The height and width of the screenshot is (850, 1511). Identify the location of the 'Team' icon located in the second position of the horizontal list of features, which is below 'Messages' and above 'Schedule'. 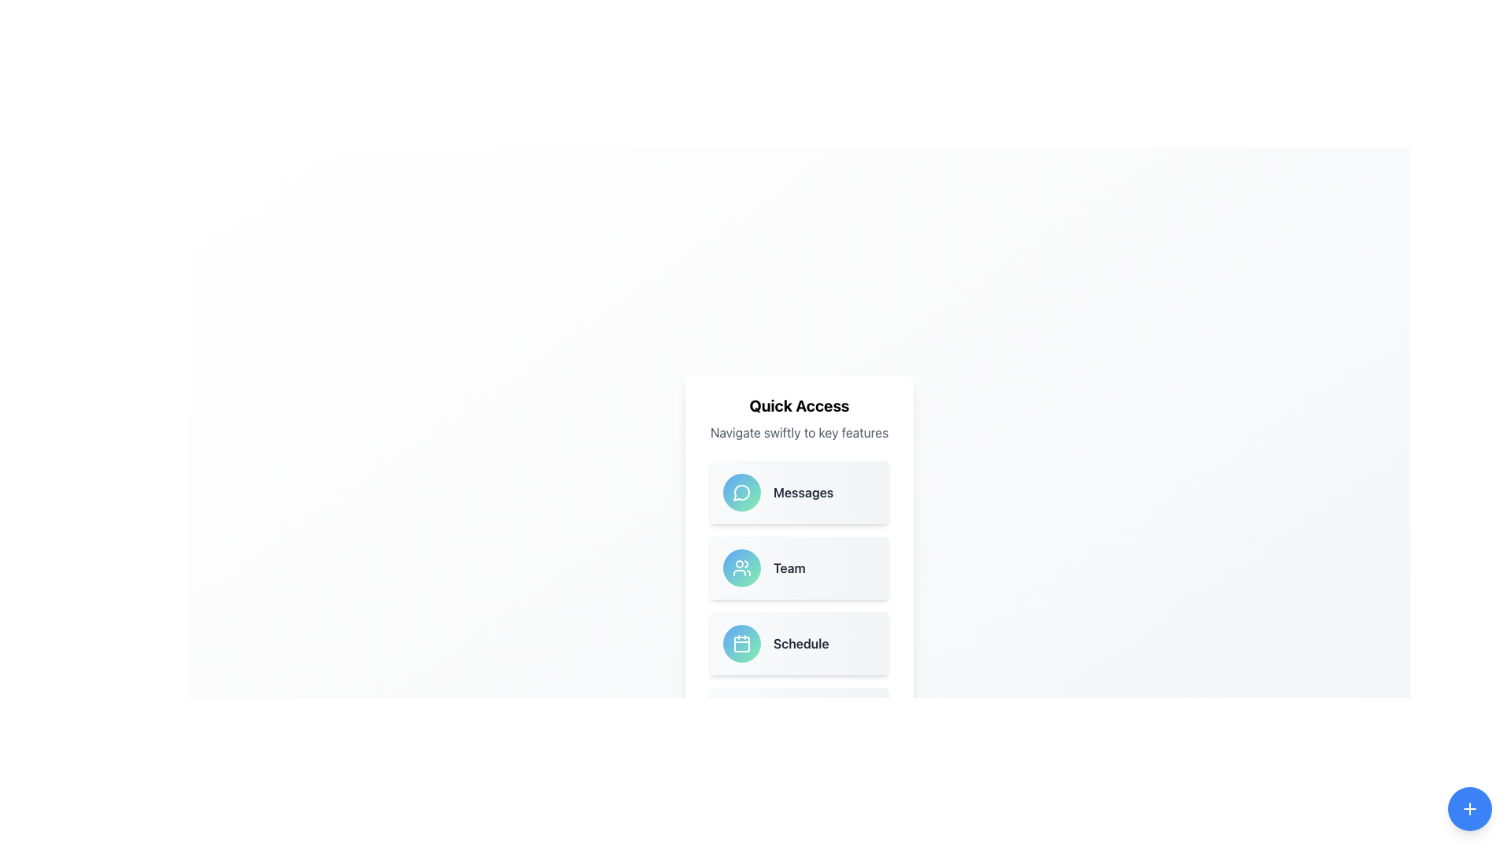
(740, 567).